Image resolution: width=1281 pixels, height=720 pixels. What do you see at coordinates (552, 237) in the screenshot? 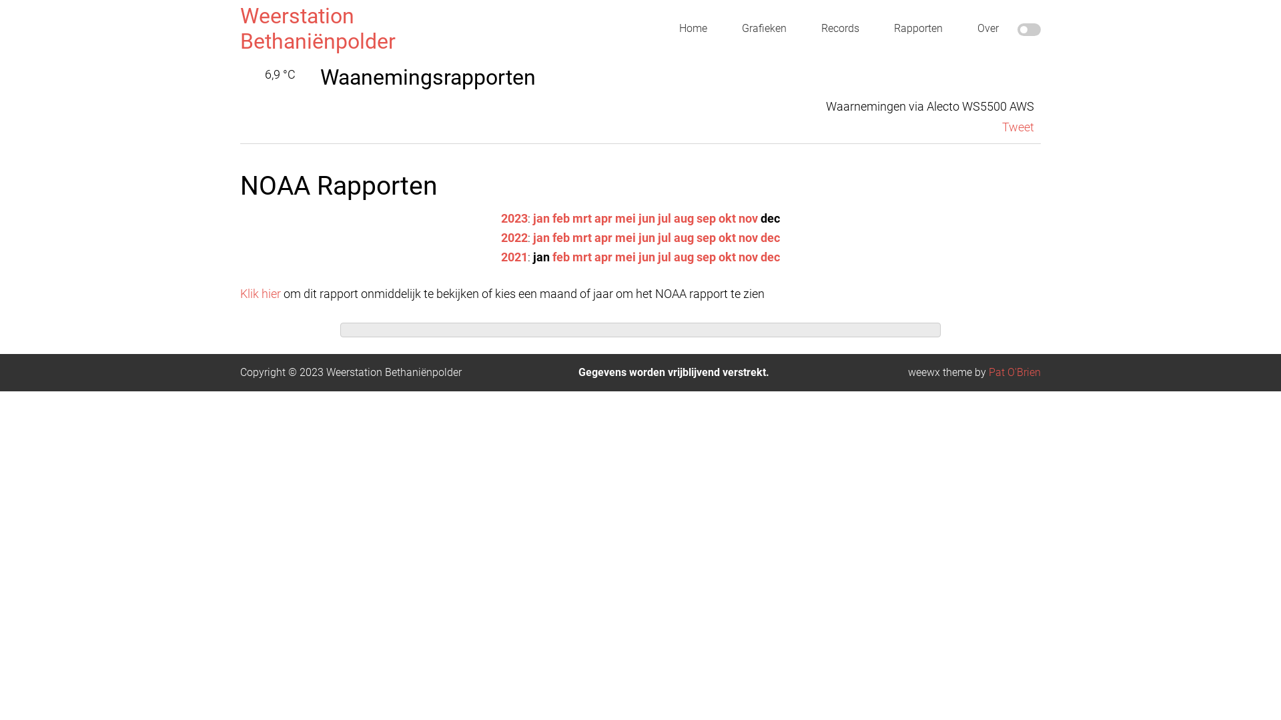
I see `'feb'` at bounding box center [552, 237].